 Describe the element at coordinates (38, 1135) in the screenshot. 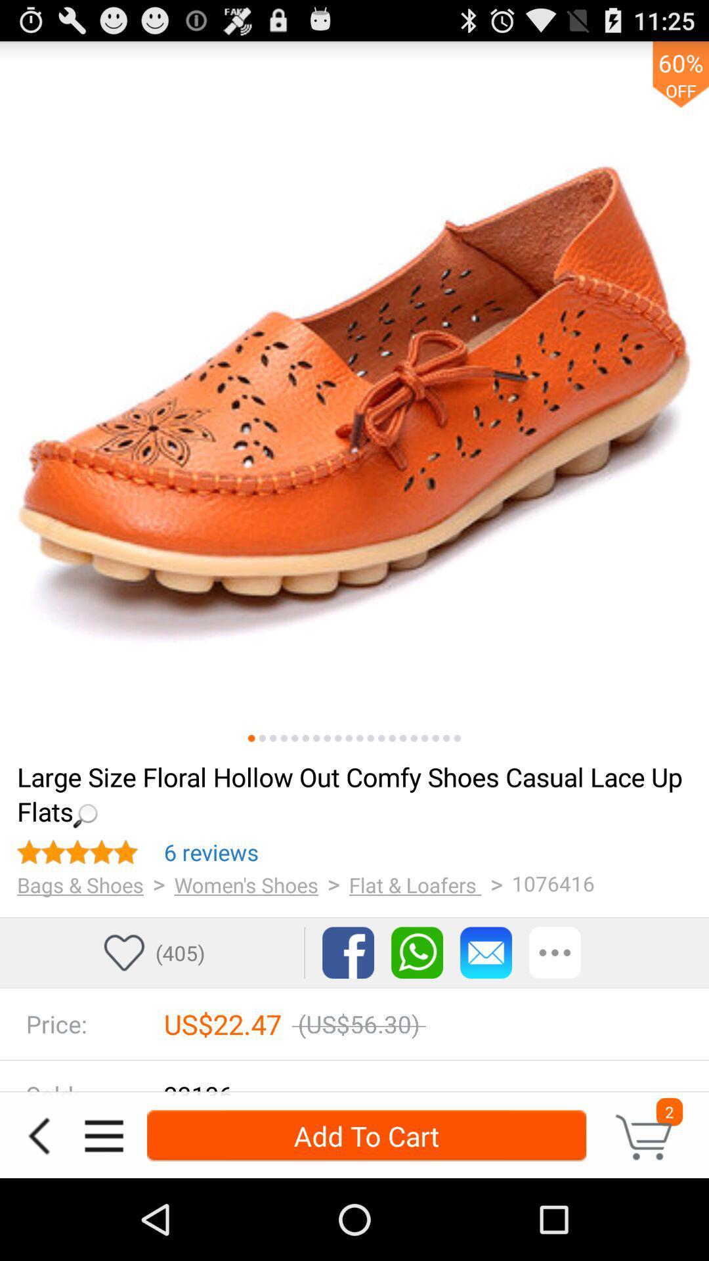

I see `previous` at that location.